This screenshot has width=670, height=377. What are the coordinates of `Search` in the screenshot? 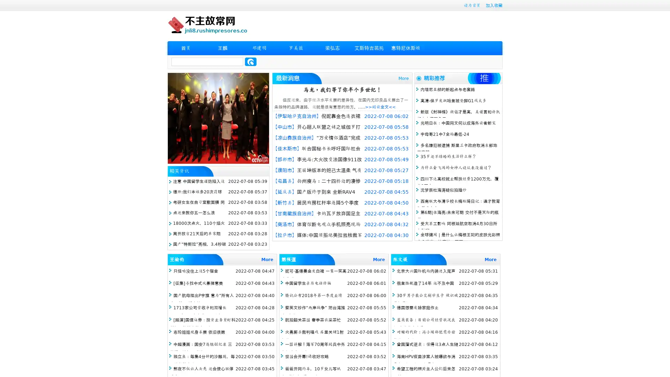 It's located at (251, 61).